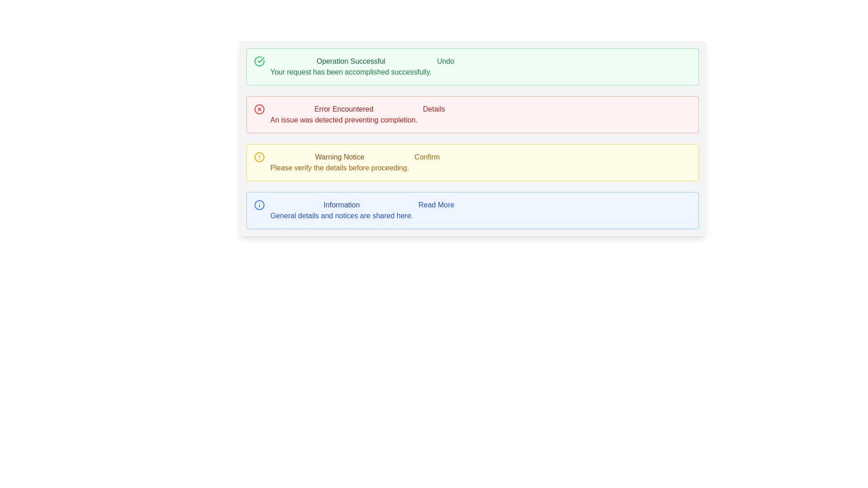 The height and width of the screenshot is (488, 868). I want to click on the Warning Icon, which is a yellow circle representing an alert, located to the left of the 'Warning Notice' text in the third horizontal segment of the layout, so click(259, 156).